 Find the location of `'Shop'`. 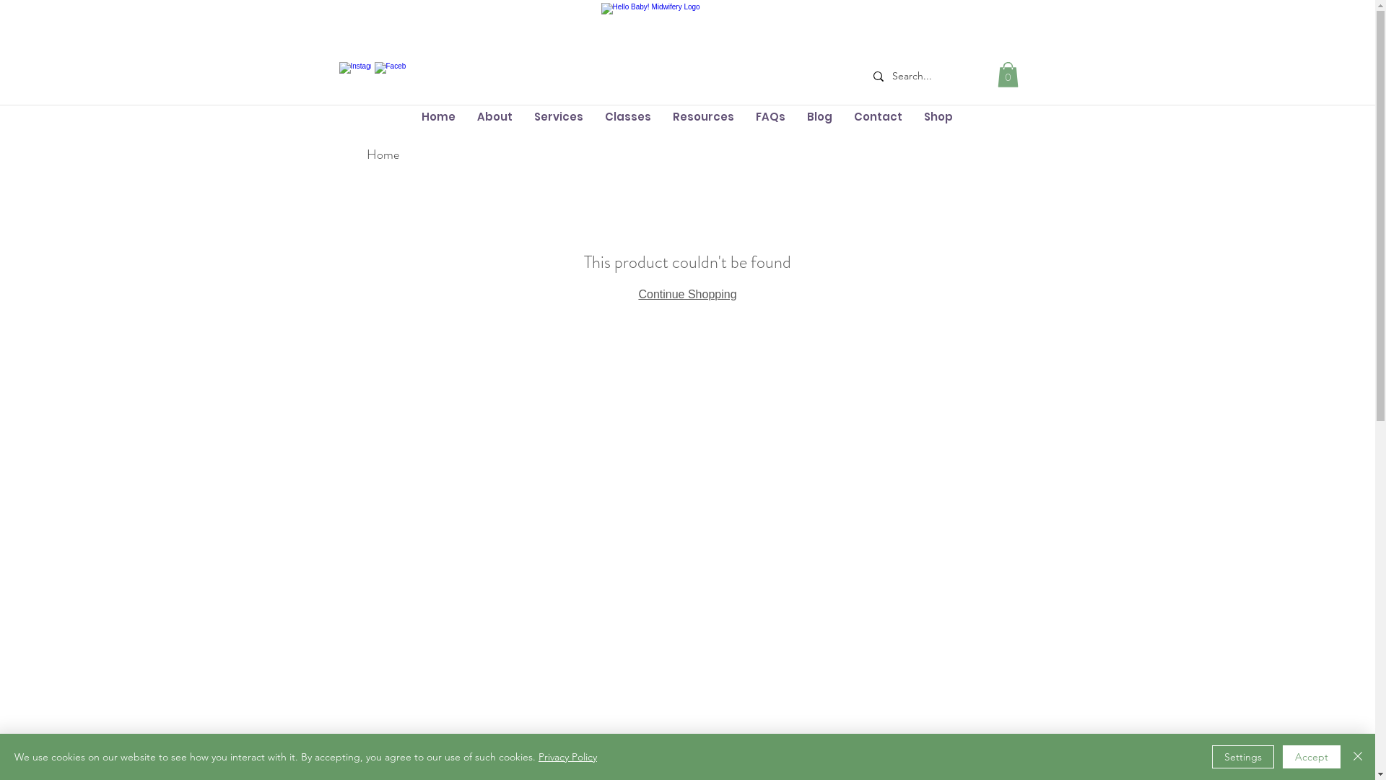

'Shop' is located at coordinates (938, 116).